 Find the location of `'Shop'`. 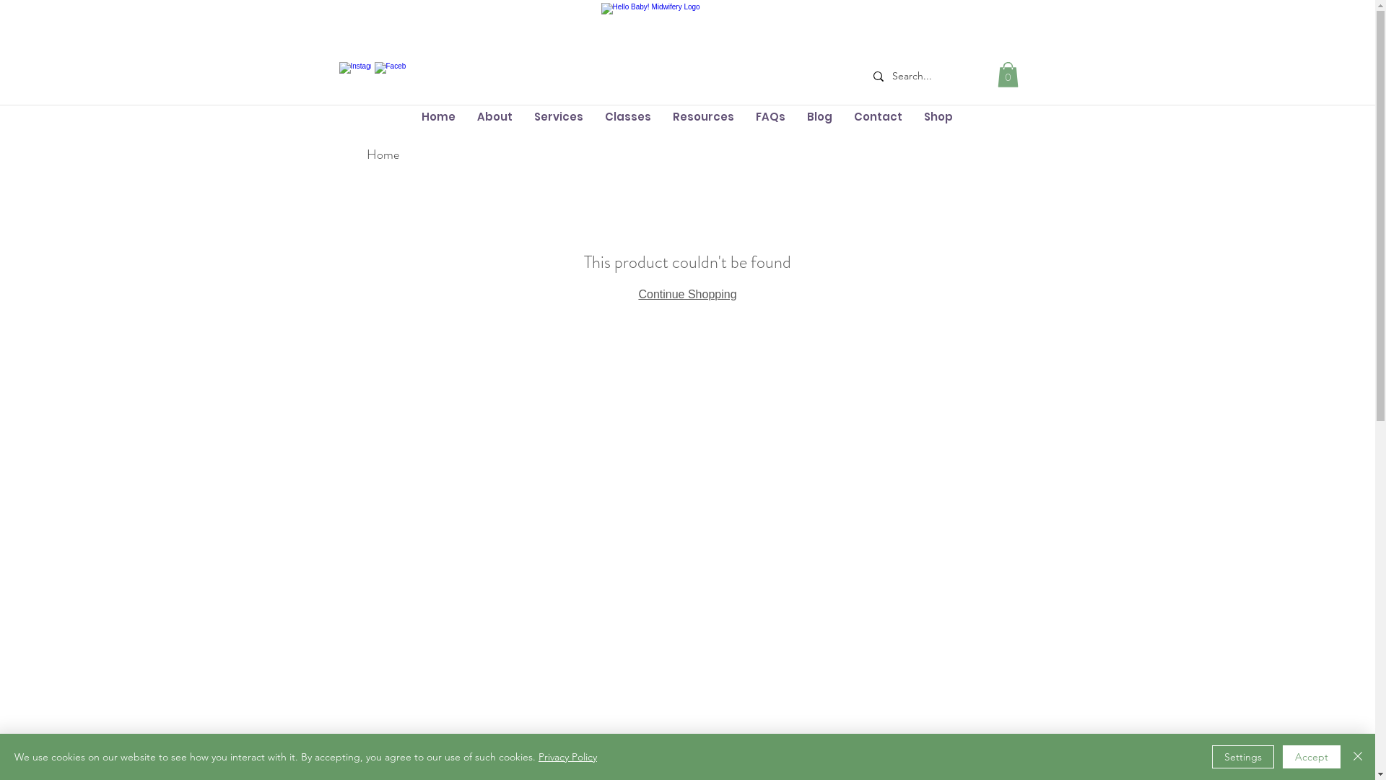

'Shop' is located at coordinates (938, 116).